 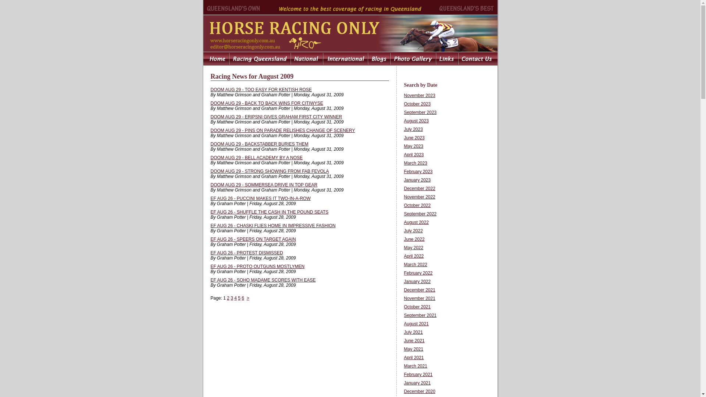 What do you see at coordinates (239, 298) in the screenshot?
I see `'5'` at bounding box center [239, 298].